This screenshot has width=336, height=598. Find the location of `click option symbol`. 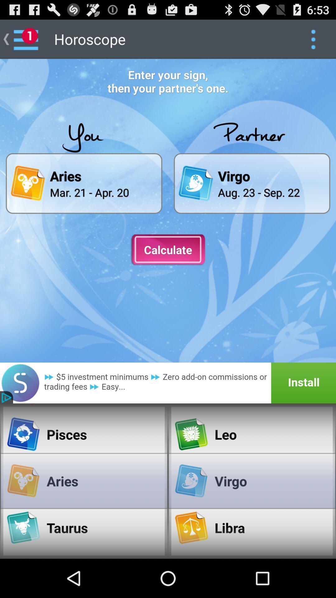

click option symbol is located at coordinates (313, 39).